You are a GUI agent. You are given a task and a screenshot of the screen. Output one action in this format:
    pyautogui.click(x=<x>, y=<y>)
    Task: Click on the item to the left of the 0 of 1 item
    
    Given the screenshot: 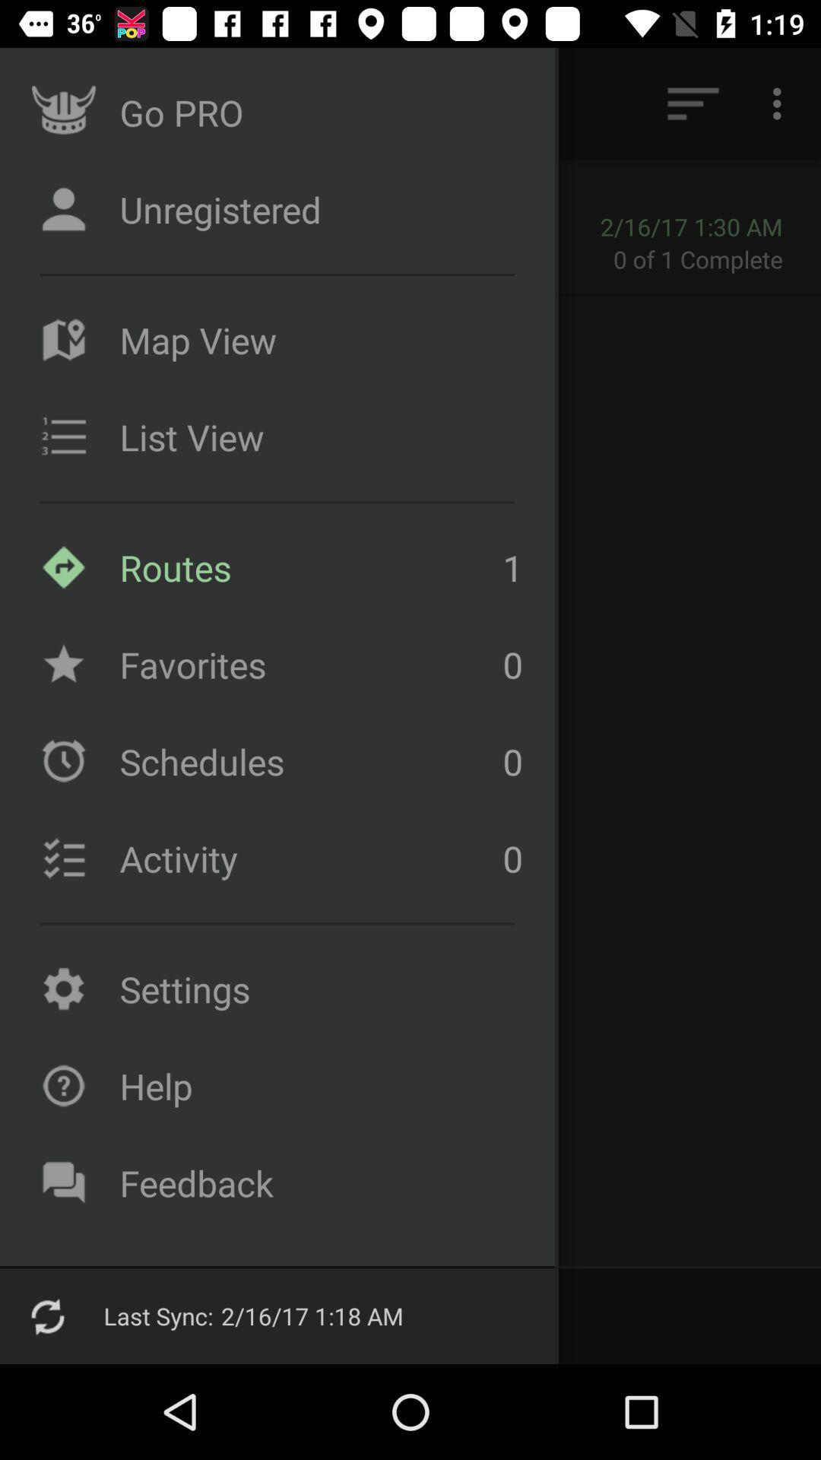 What is the action you would take?
    pyautogui.click(x=384, y=259)
    